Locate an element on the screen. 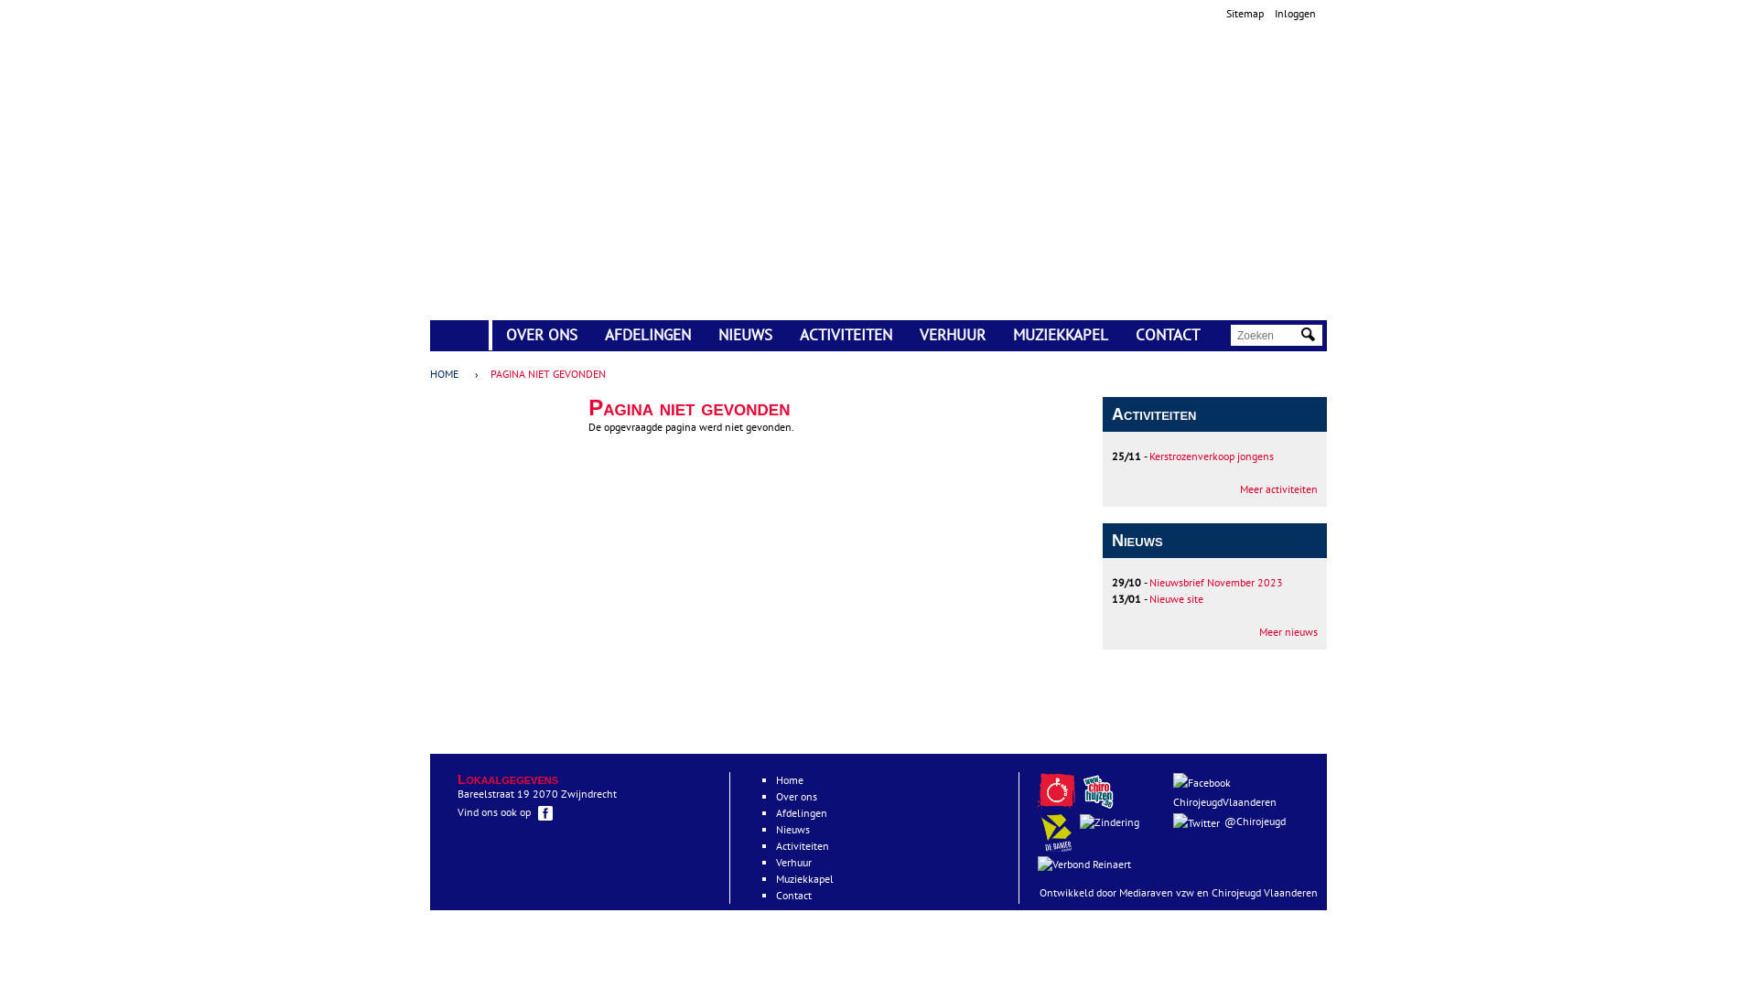 This screenshot has height=988, width=1757. 'Afdelingen' is located at coordinates (801, 811).